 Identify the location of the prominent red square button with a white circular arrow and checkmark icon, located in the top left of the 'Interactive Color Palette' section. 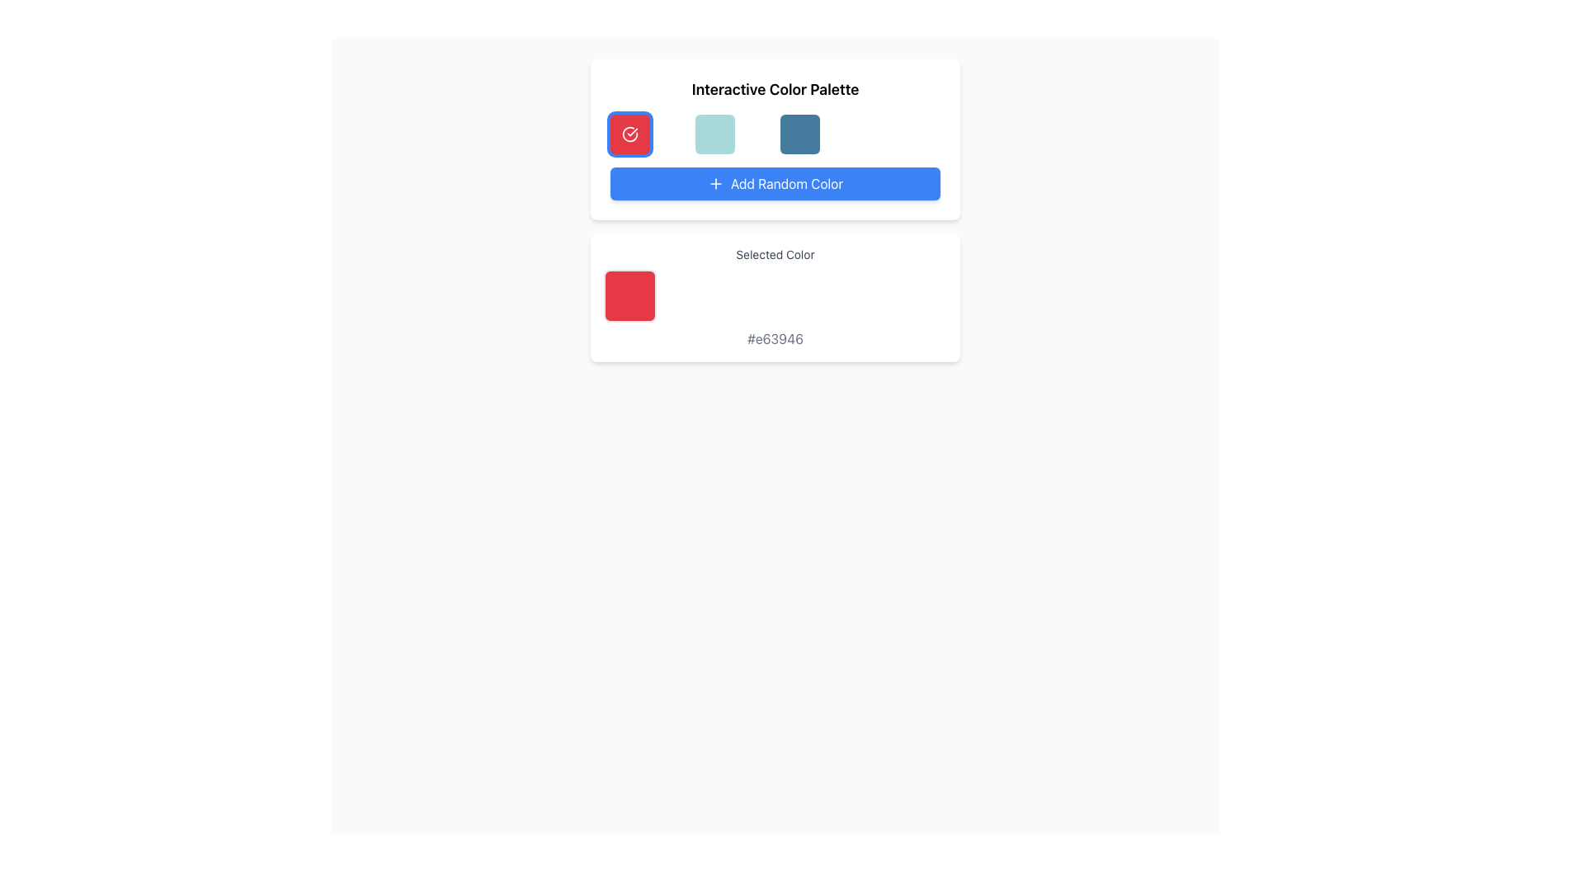
(629, 133).